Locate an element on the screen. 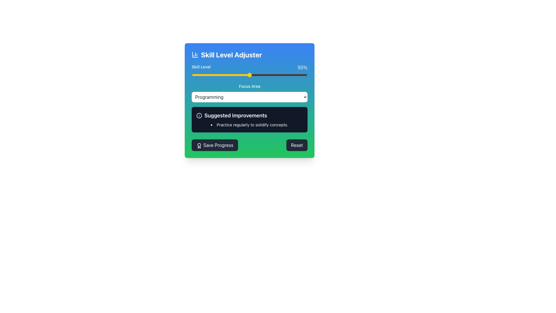 The width and height of the screenshot is (556, 313). the informational box or tooltip located in the 'Skill Level Adjuster' card, positioned under the 'Focus Area' dropdown and above the 'Save Progress' and 'Reset' buttons is located at coordinates (250, 119).